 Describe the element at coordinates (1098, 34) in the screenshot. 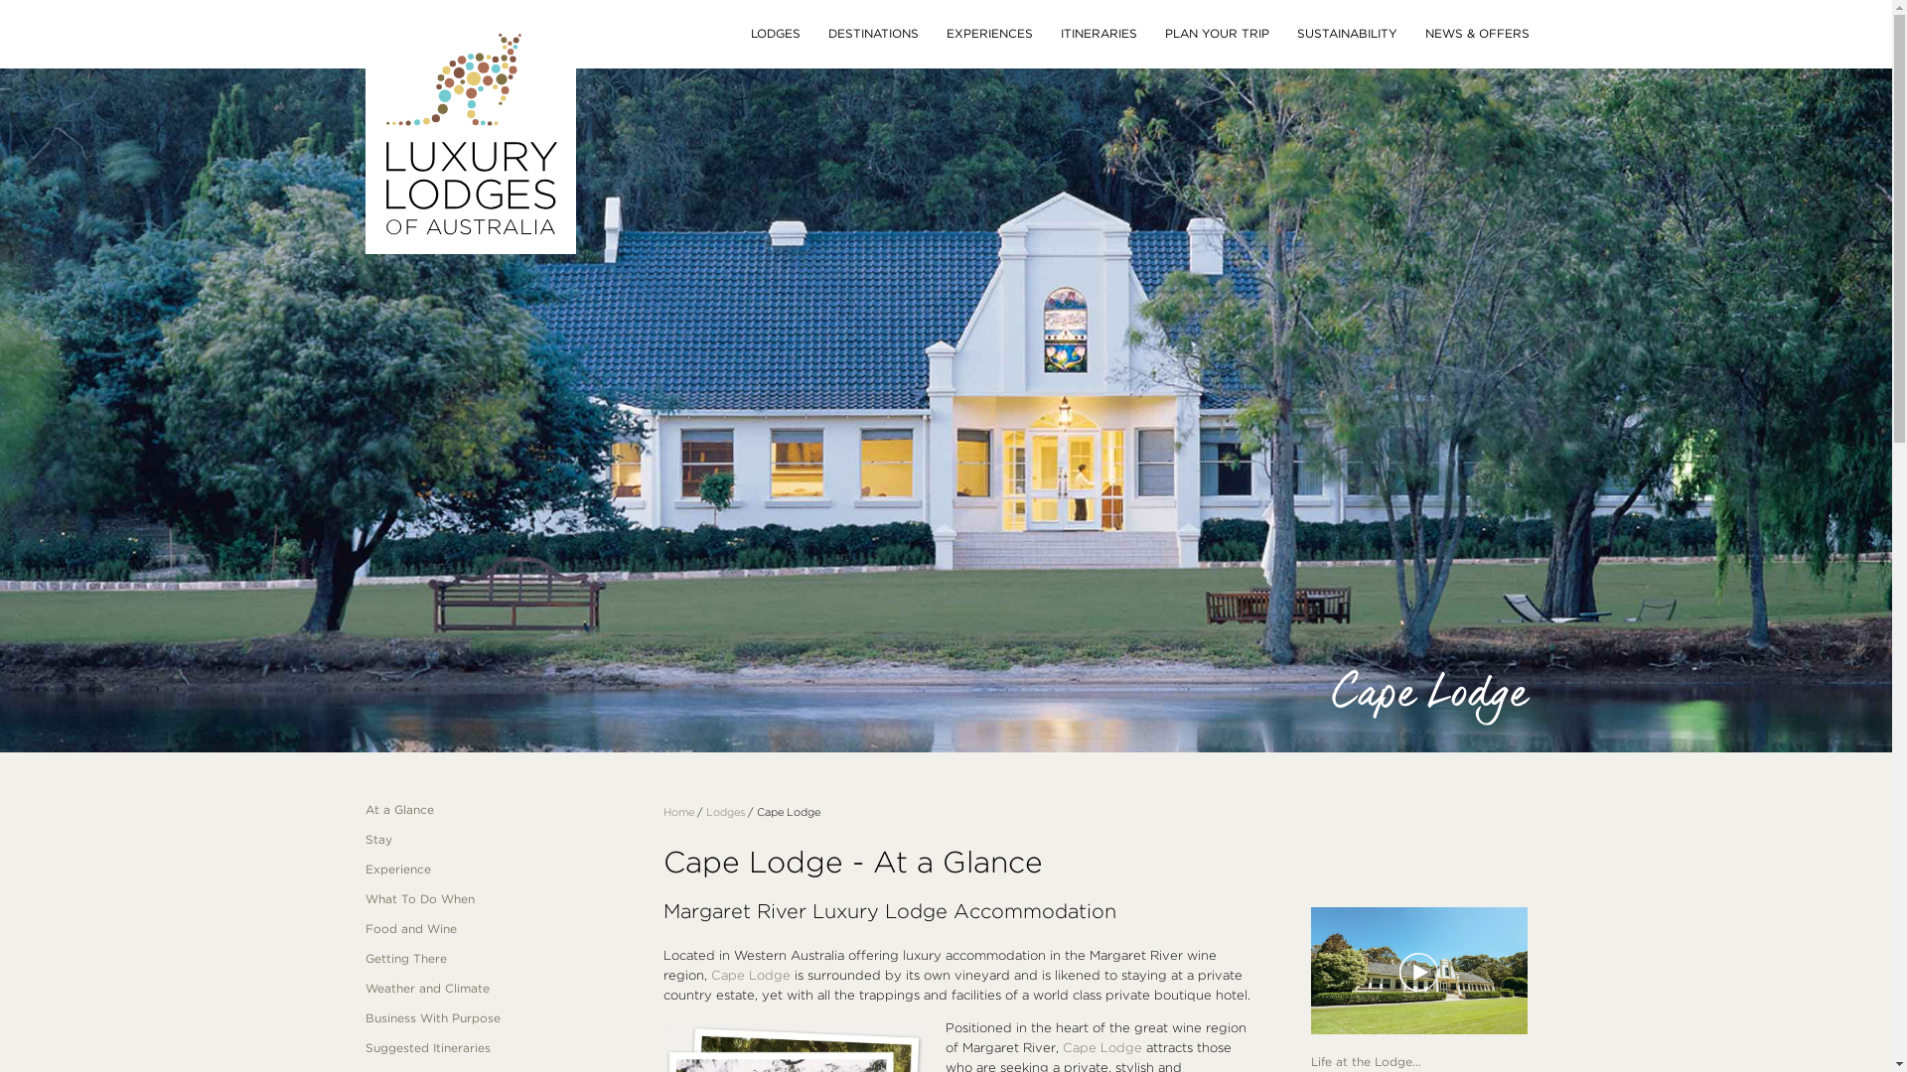

I see `'ITINERARIES'` at that location.